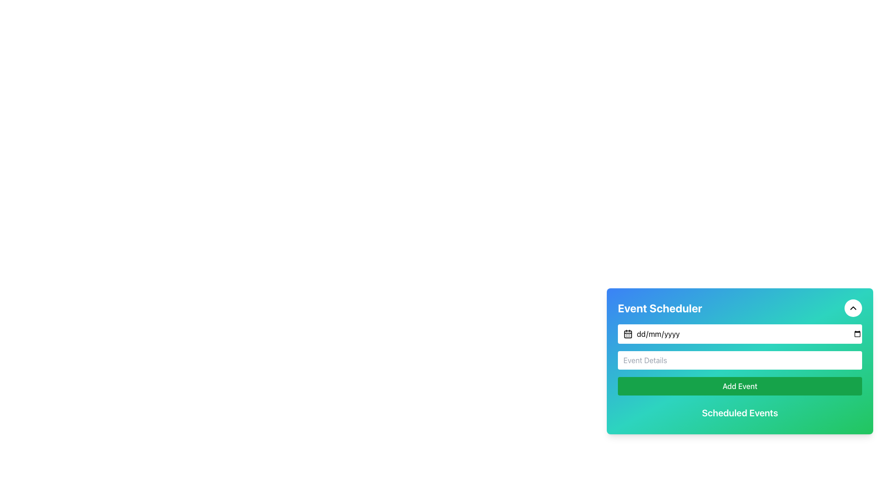 This screenshot has width=888, height=499. What do you see at coordinates (852, 308) in the screenshot?
I see `the circular button with a white background and a black chevron pointing up, located in the top-right corner of the 'Event Scheduler' panel` at bounding box center [852, 308].